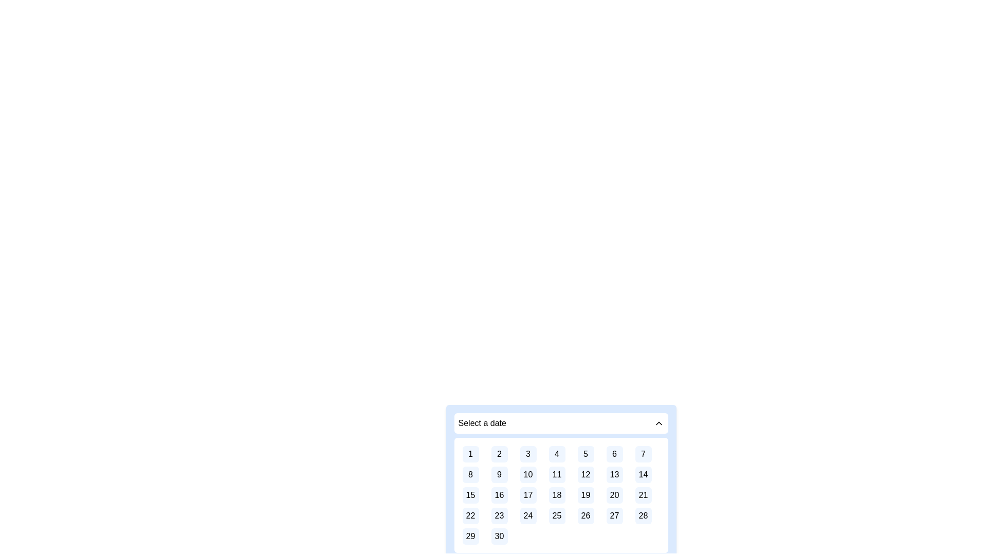 The image size is (987, 555). What do you see at coordinates (560, 495) in the screenshot?
I see `the button displaying a numbered day in the calendar grid layout` at bounding box center [560, 495].